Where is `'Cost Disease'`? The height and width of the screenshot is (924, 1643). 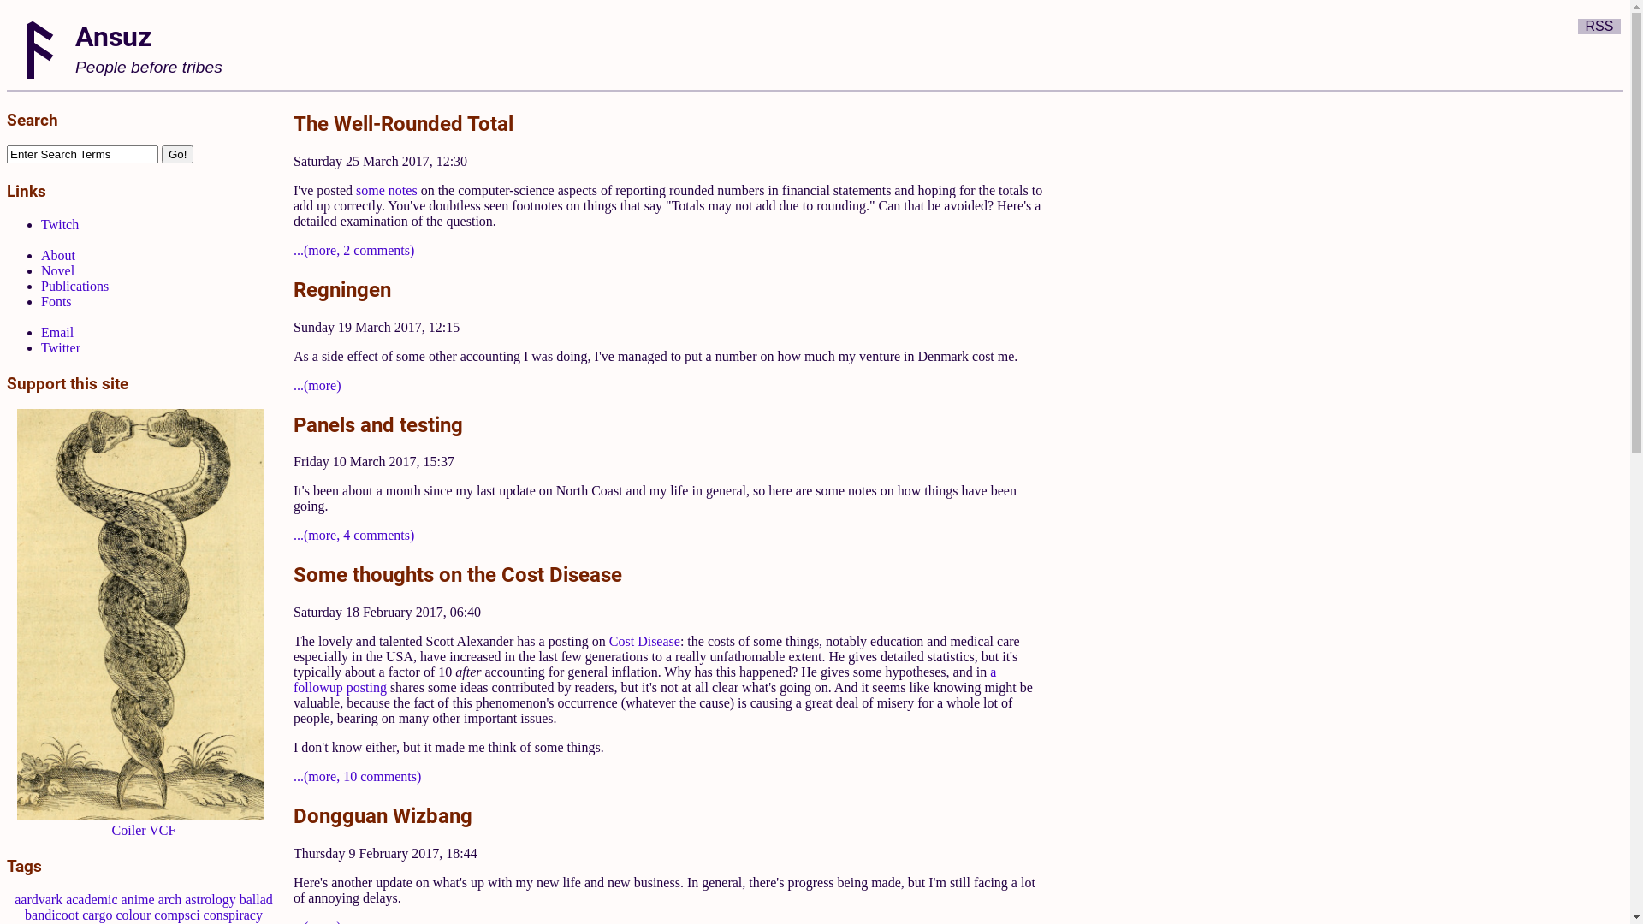
'Cost Disease' is located at coordinates (644, 641).